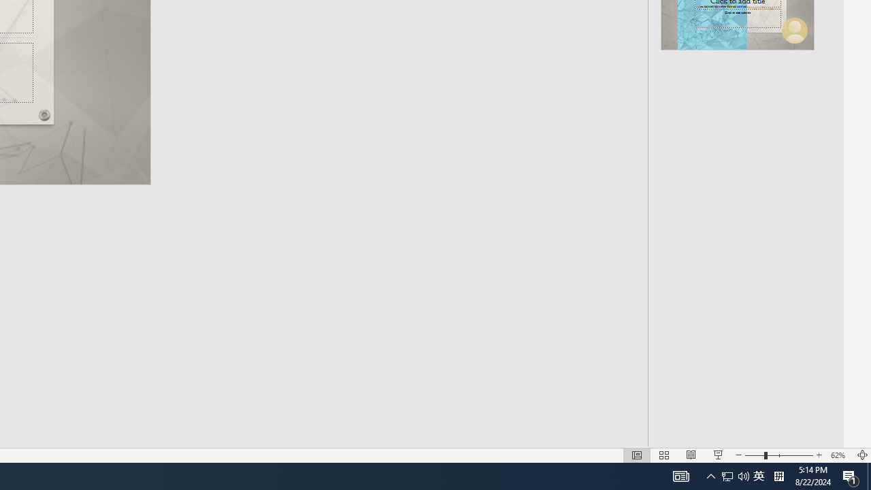 The height and width of the screenshot is (490, 871). Describe the element at coordinates (839, 455) in the screenshot. I see `'Zoom 62%'` at that location.